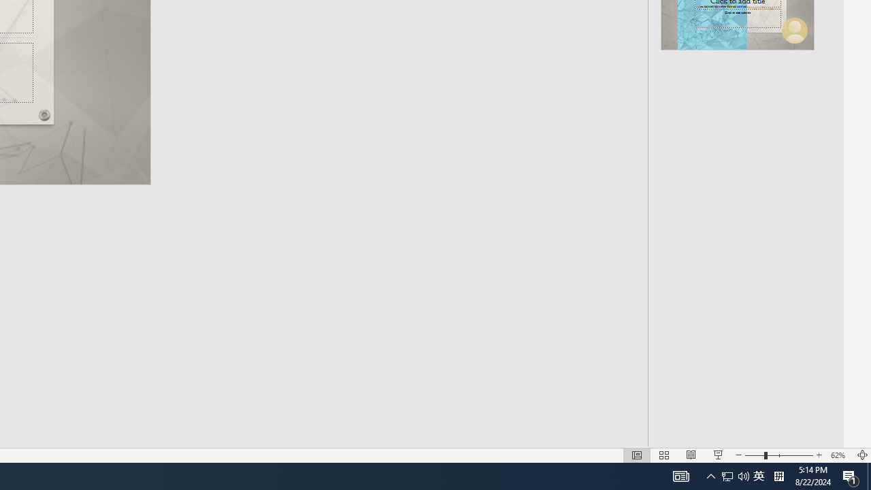 The height and width of the screenshot is (490, 871). Describe the element at coordinates (839, 455) in the screenshot. I see `'Zoom 62%'` at that location.